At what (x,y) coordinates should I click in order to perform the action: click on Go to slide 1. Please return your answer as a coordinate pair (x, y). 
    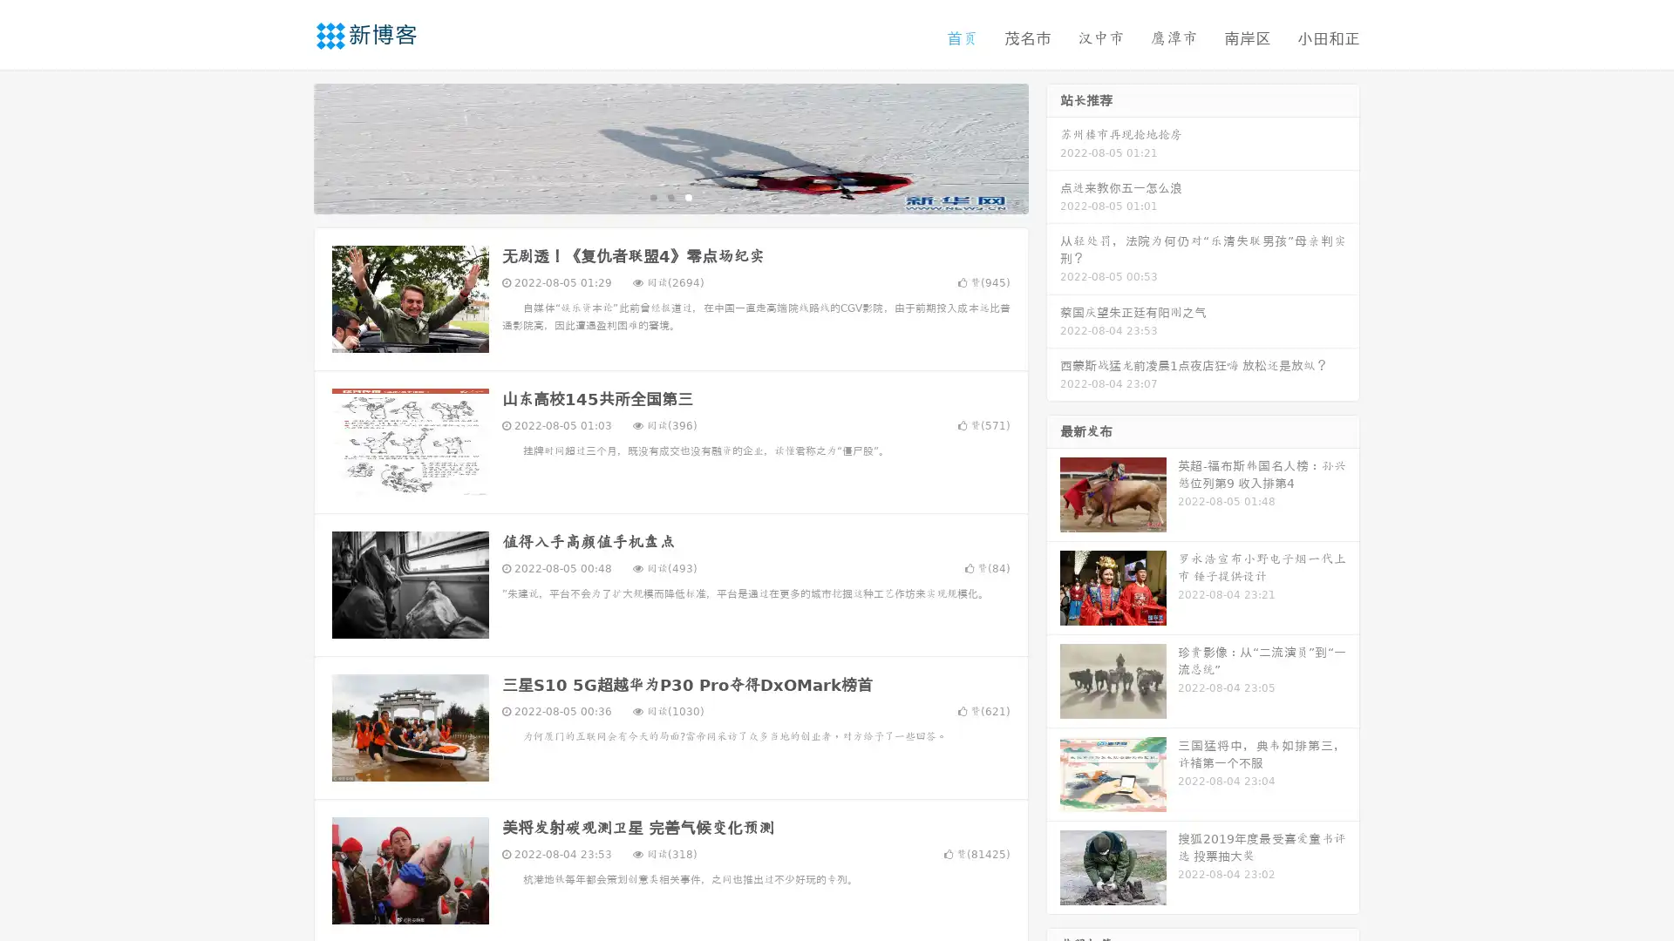
    Looking at the image, I should click on (652, 196).